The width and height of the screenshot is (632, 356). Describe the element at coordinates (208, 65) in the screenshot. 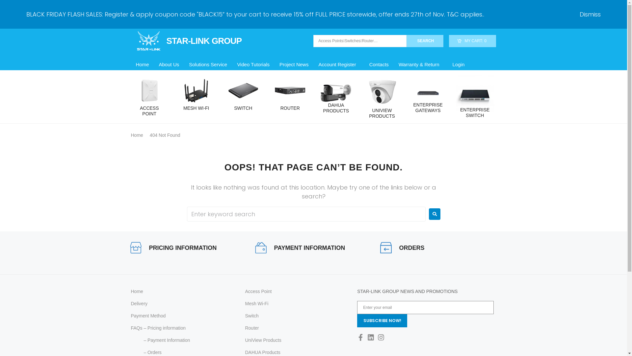

I see `'Solutions Service'` at that location.